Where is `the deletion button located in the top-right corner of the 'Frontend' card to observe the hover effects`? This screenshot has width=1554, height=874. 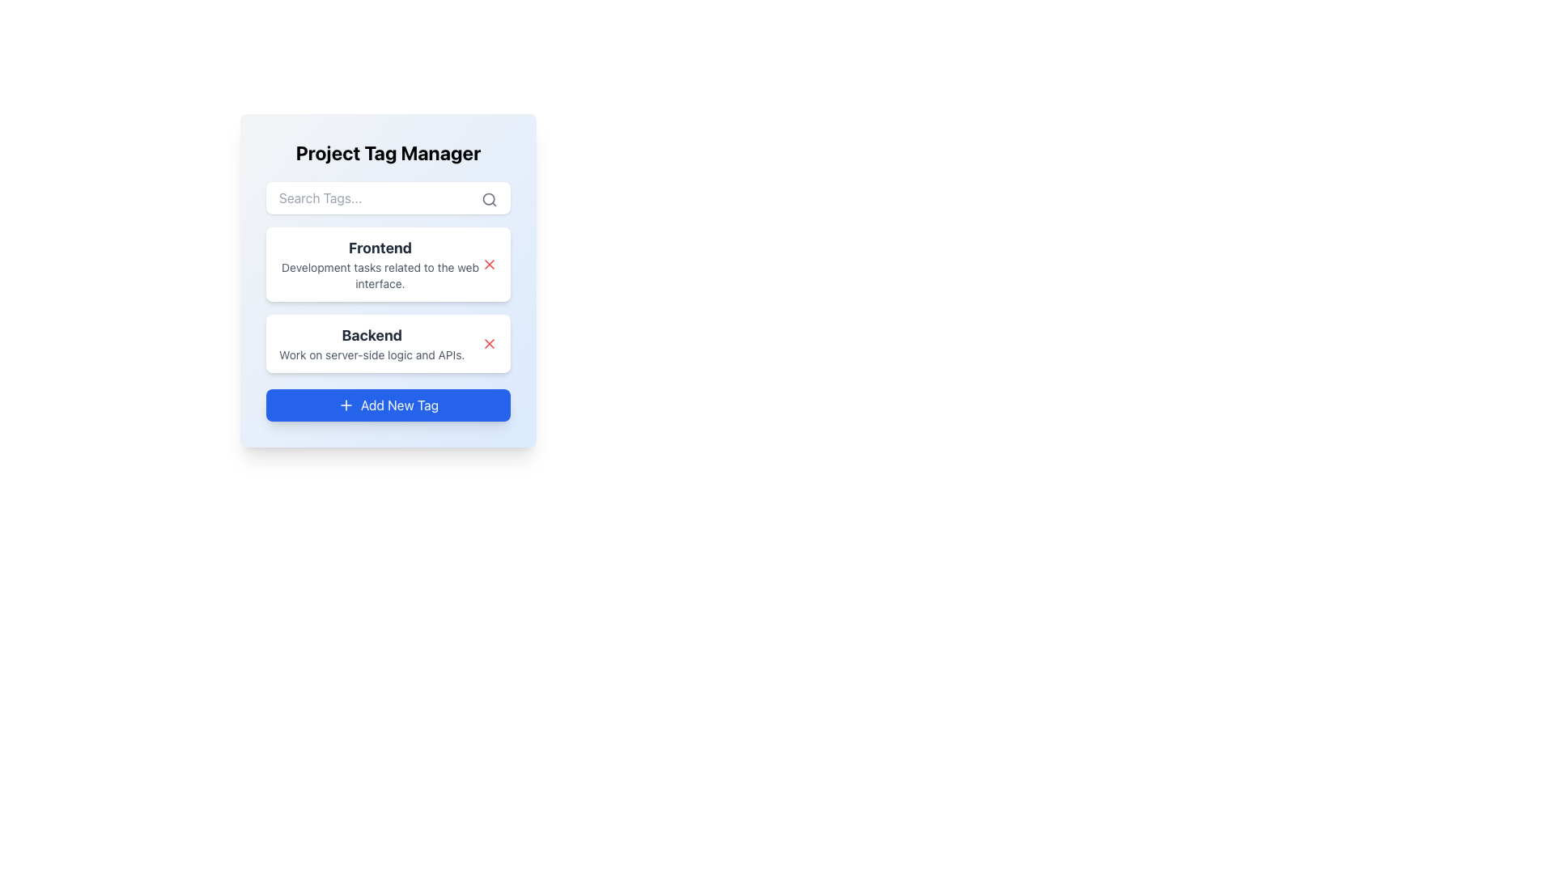 the deletion button located in the top-right corner of the 'Frontend' card to observe the hover effects is located at coordinates (488, 264).